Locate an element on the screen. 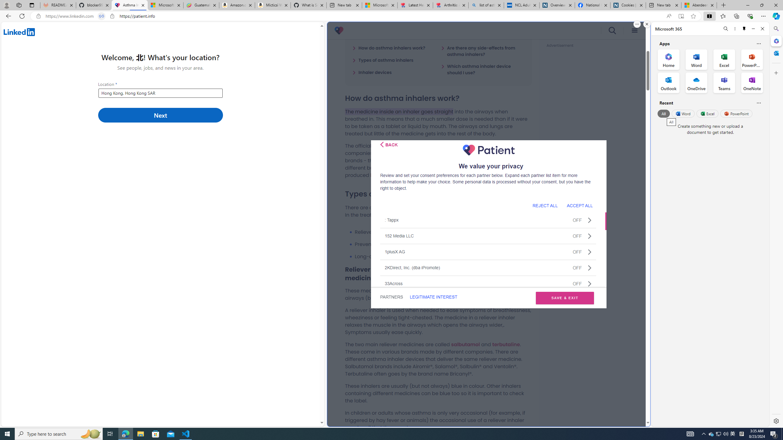 The image size is (783, 440). 'Asthma Inhalers: Names and Types' is located at coordinates (129, 5).